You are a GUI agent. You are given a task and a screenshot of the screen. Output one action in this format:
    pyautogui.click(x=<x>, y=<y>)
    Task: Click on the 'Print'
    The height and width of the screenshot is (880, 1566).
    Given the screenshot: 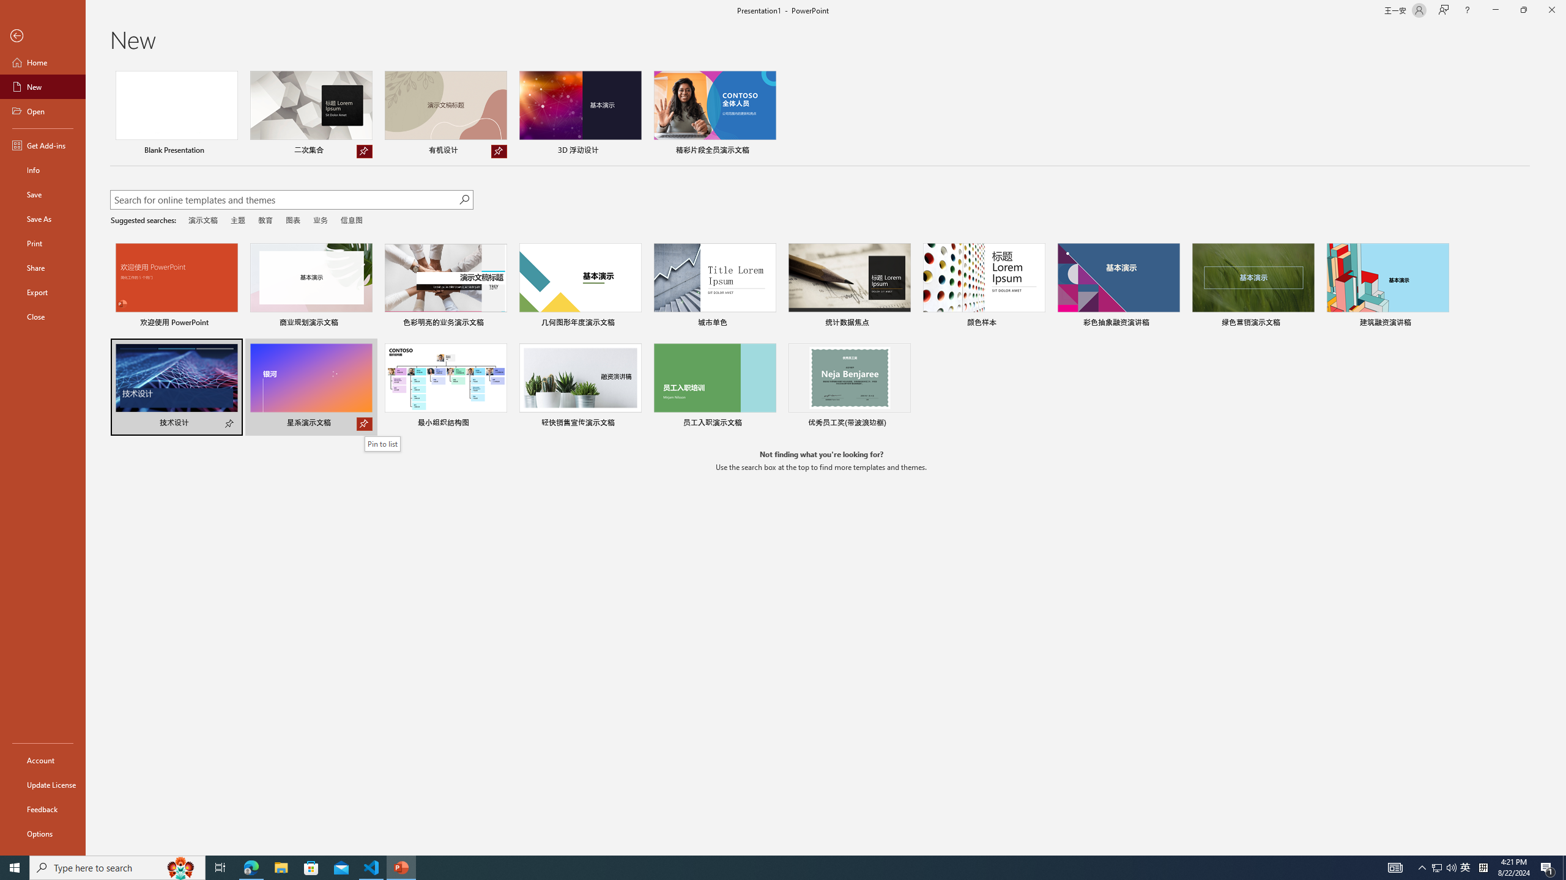 What is the action you would take?
    pyautogui.click(x=42, y=243)
    